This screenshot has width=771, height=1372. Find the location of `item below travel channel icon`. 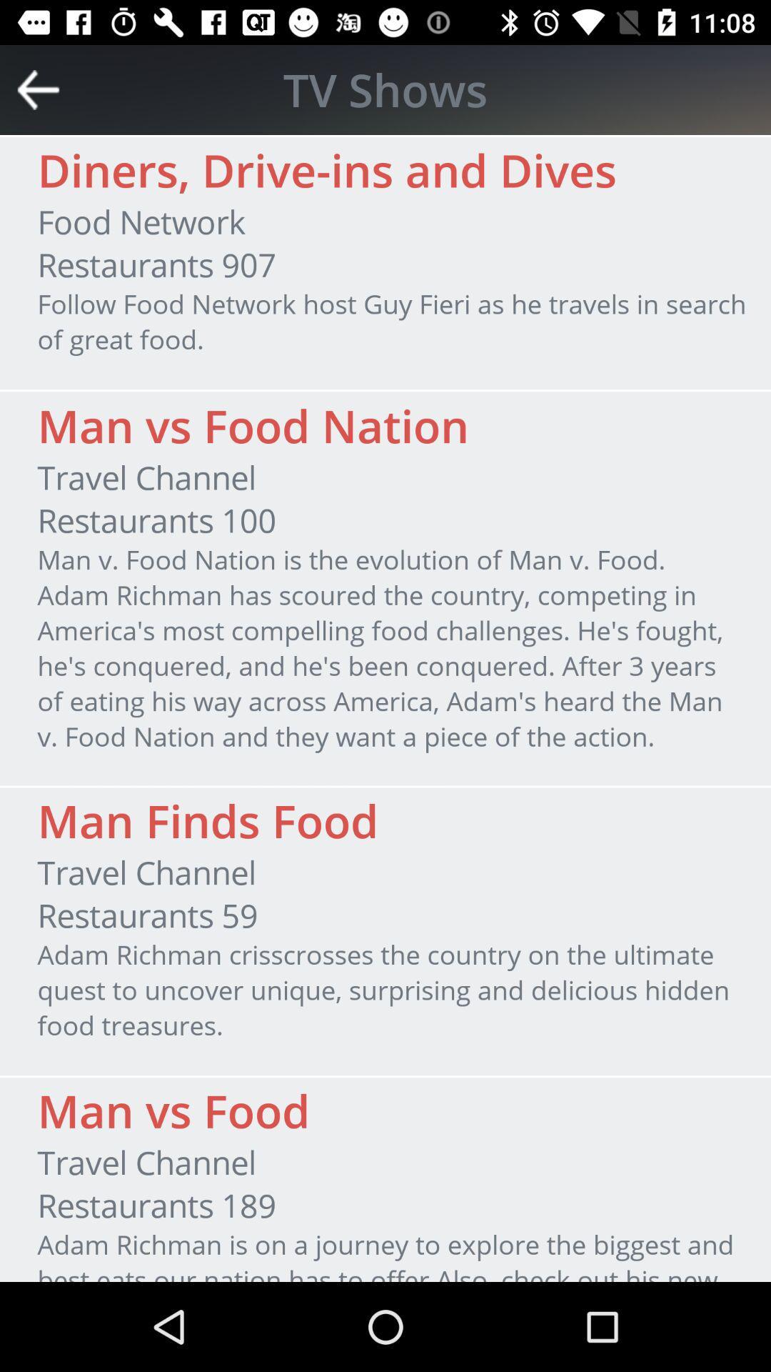

item below travel channel icon is located at coordinates (156, 520).